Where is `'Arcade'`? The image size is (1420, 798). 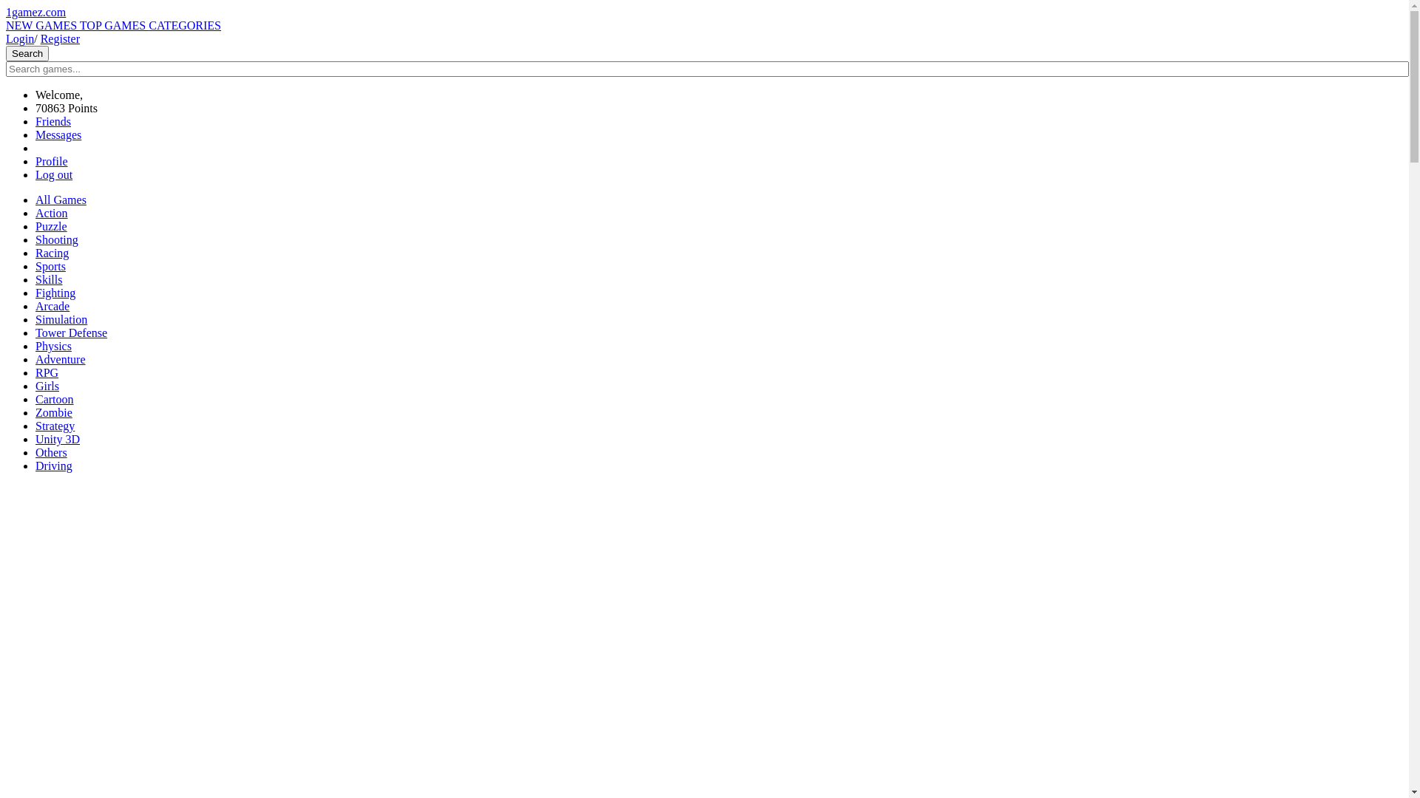 'Arcade' is located at coordinates (53, 305).